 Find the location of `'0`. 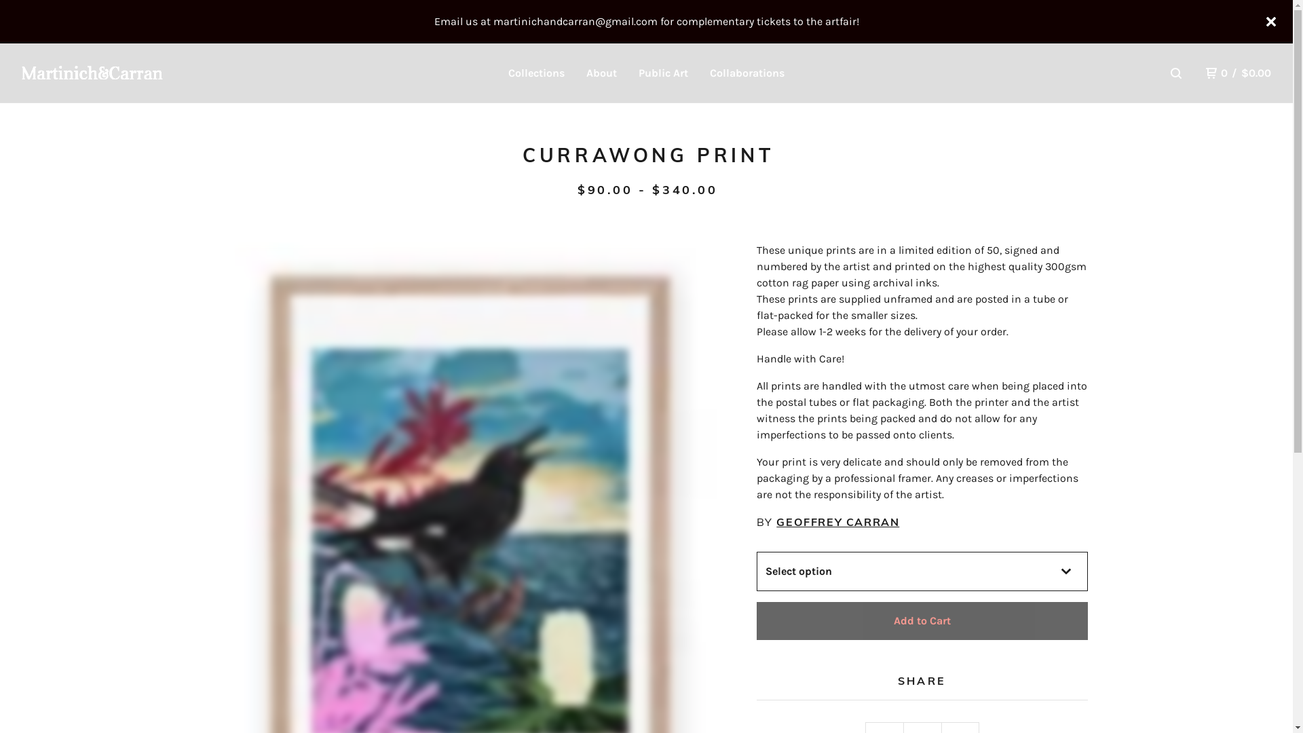

'0 is located at coordinates (1238, 73).